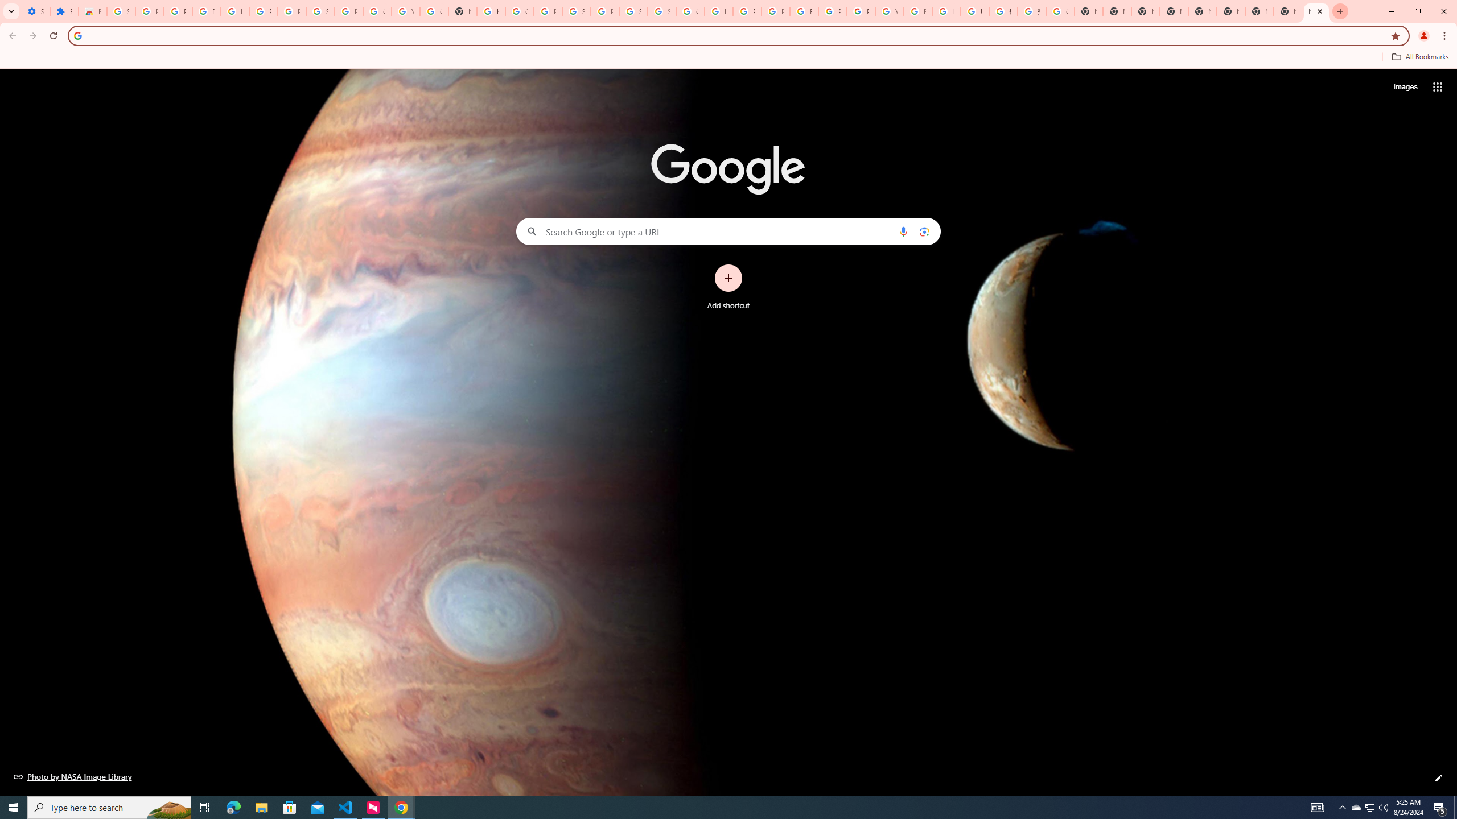  What do you see at coordinates (32, 35) in the screenshot?
I see `'Forward'` at bounding box center [32, 35].